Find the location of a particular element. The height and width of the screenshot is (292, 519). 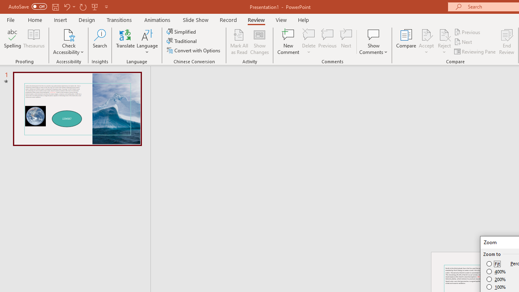

'Accept' is located at coordinates (426, 42).